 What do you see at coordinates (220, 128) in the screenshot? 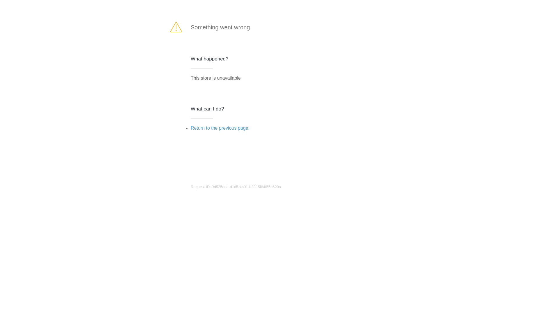
I see `'Return to the previous page.'` at bounding box center [220, 128].